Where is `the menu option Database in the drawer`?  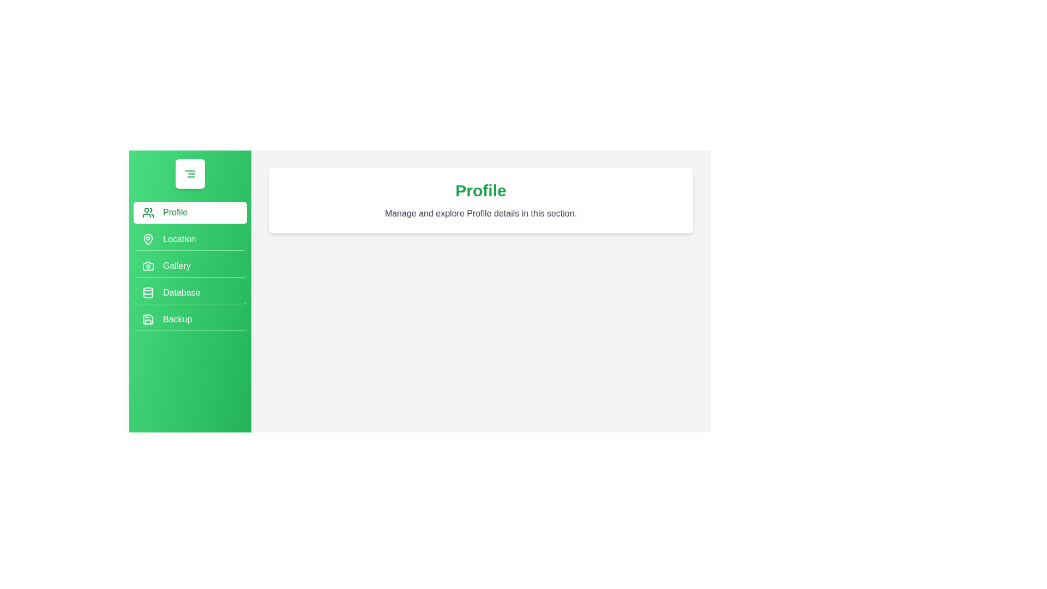
the menu option Database in the drawer is located at coordinates (190, 292).